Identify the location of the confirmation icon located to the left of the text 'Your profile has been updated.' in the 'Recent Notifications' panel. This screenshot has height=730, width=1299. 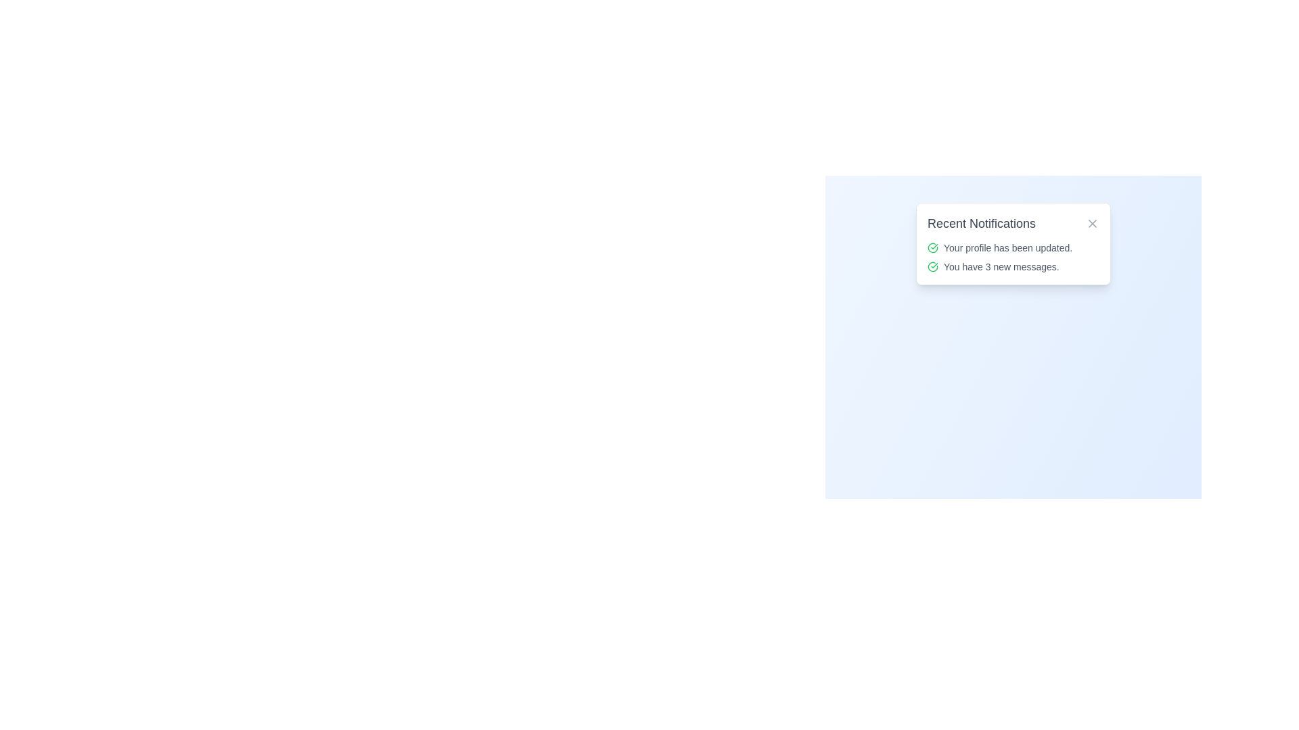
(932, 247).